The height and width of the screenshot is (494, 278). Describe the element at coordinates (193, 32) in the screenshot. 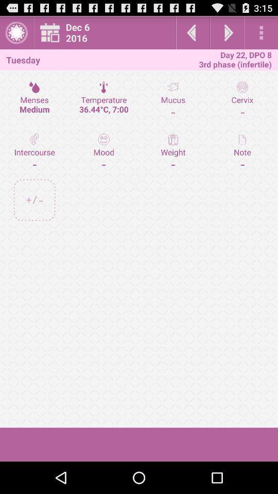

I see `previous` at that location.